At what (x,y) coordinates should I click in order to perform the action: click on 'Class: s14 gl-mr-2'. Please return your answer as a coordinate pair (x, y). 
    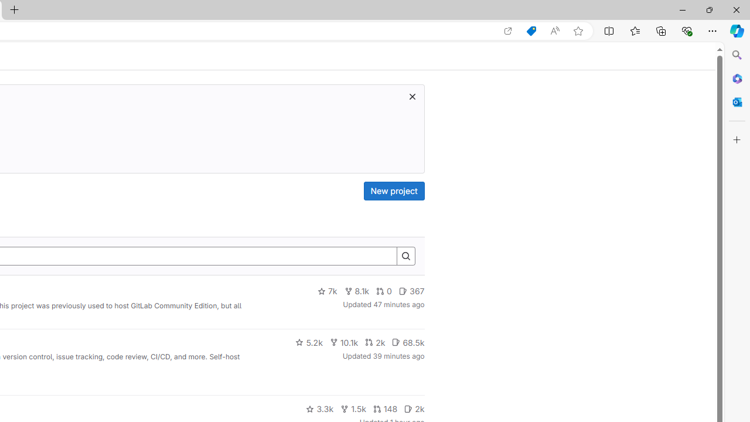
    Looking at the image, I should click on (408, 408).